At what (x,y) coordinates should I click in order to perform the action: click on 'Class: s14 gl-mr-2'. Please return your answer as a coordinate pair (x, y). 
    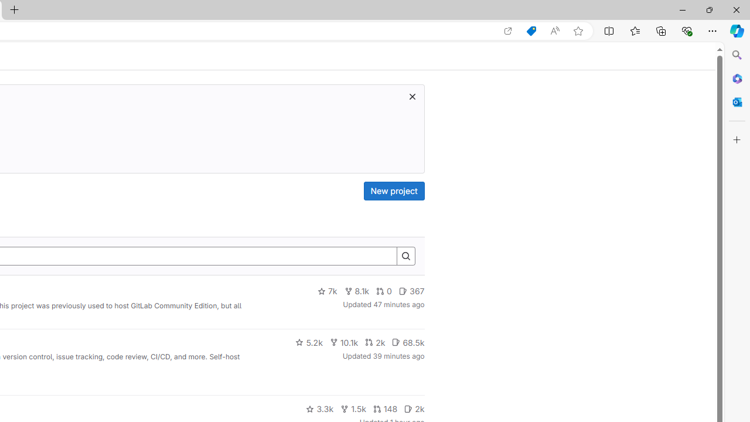
    Looking at the image, I should click on (408, 408).